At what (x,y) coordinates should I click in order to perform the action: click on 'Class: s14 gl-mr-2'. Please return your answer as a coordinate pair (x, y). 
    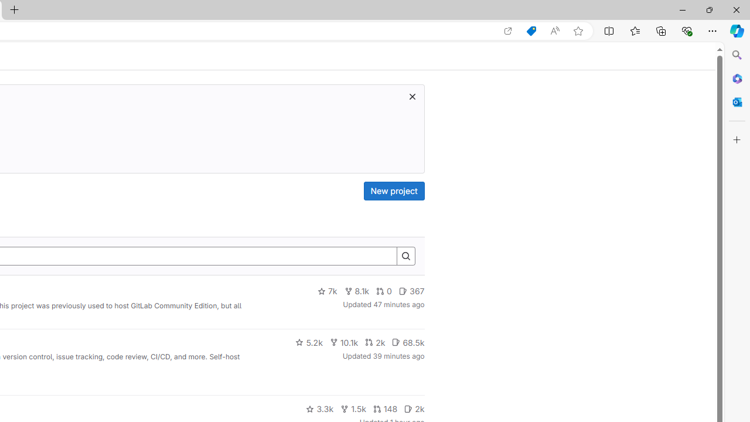
    Looking at the image, I should click on (408, 408).